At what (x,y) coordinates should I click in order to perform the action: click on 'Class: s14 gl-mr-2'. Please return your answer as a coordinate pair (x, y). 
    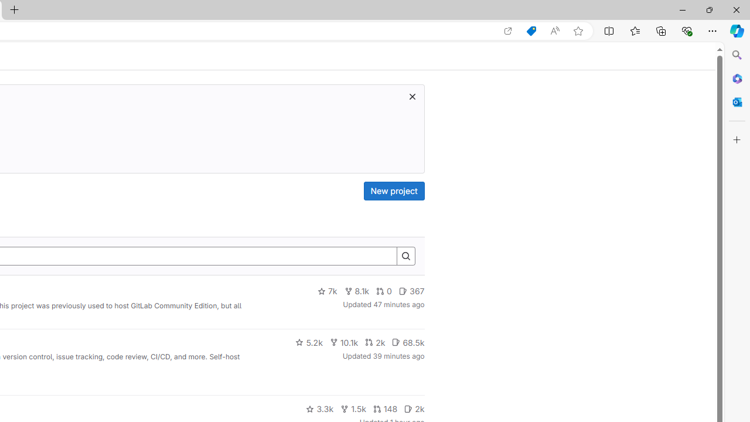
    Looking at the image, I should click on (408, 408).